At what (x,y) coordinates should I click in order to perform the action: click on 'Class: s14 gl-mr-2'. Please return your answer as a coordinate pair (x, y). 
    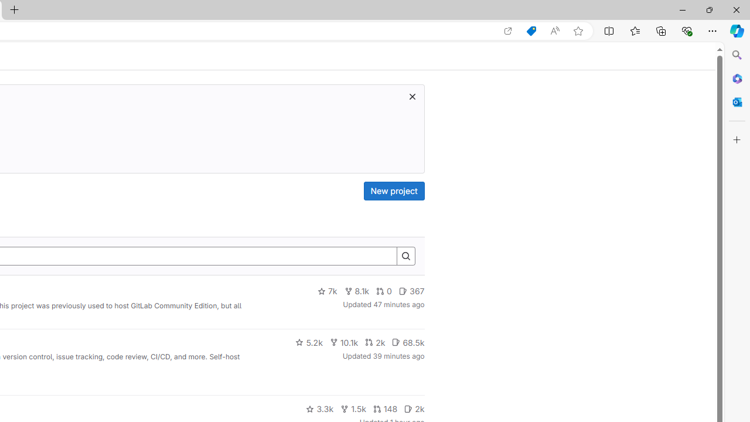
    Looking at the image, I should click on (408, 408).